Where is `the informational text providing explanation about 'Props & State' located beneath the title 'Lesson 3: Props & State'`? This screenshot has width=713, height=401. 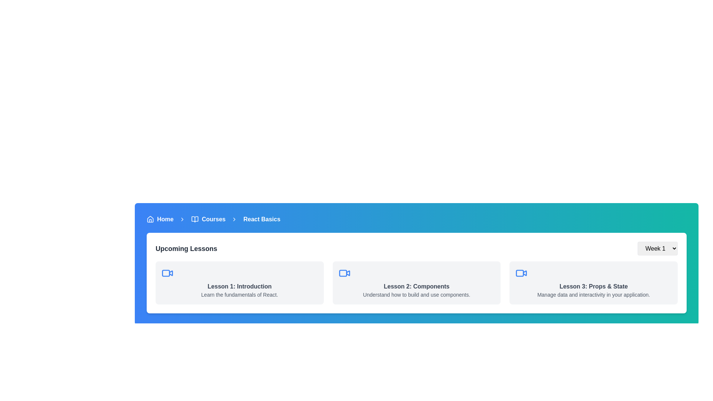 the informational text providing explanation about 'Props & State' located beneath the title 'Lesson 3: Props & State' is located at coordinates (593, 294).